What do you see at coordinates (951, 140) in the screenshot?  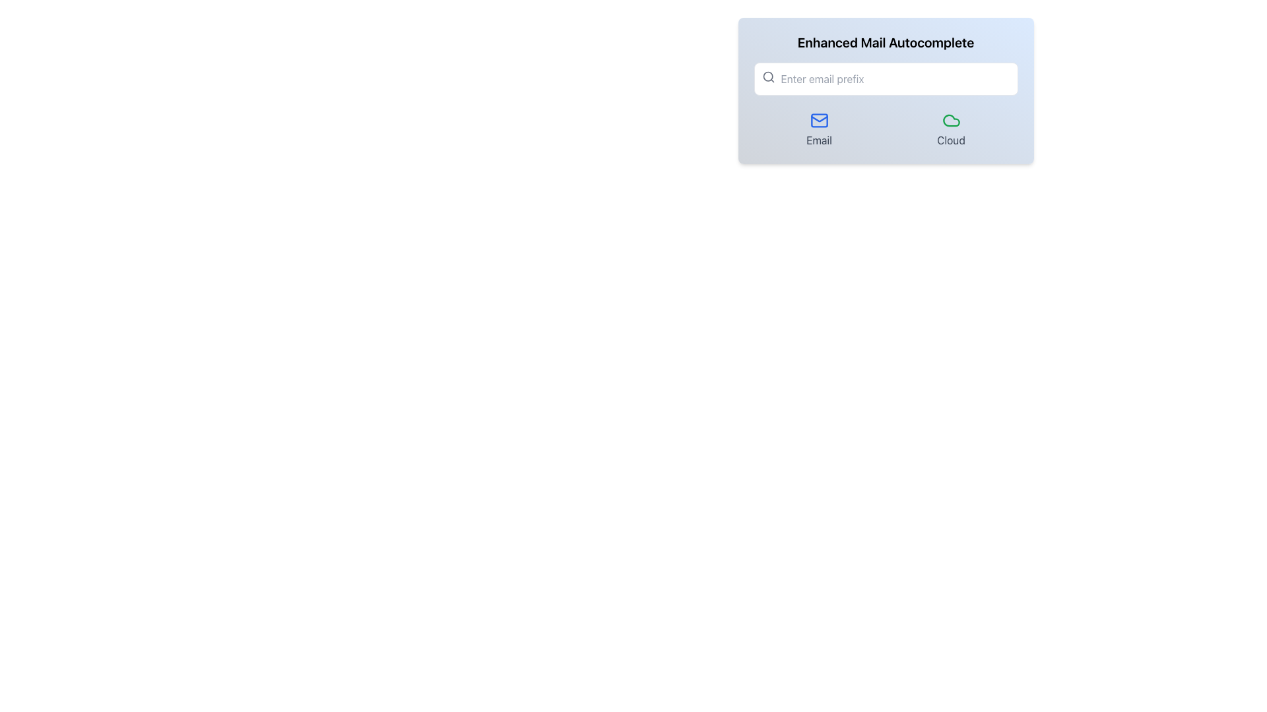 I see `the text label 'Cloud' located below the green cloud icon, which is positioned to the right of the 'Email' option` at bounding box center [951, 140].